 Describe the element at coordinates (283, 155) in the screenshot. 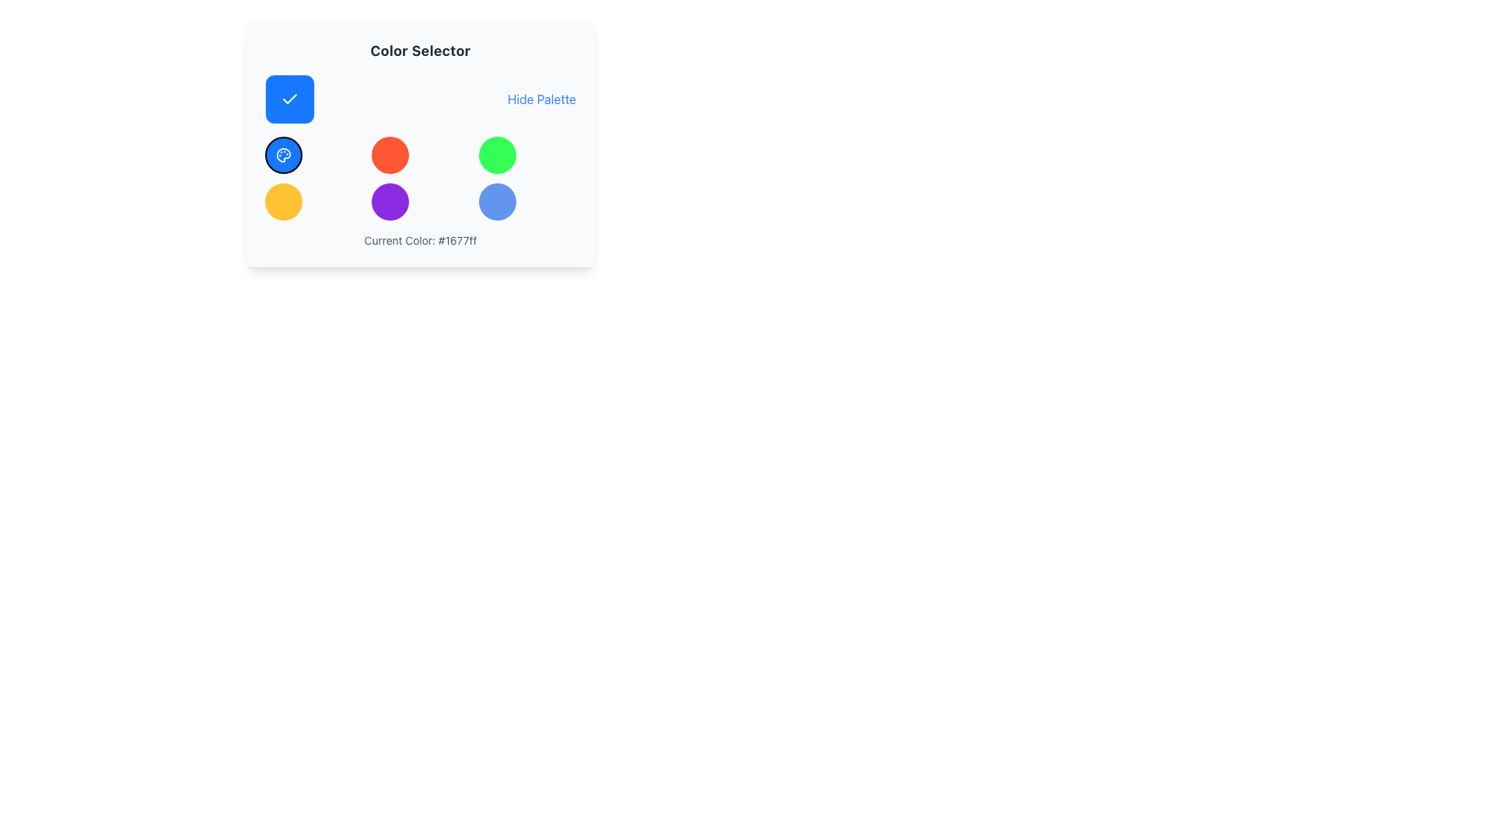

I see `the color selector icon within the palette interface, which is visually represented as an outlined segment of a palette` at that location.